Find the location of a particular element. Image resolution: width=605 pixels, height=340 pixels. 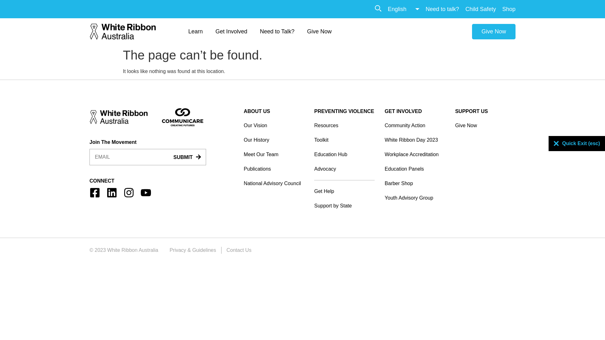

'Publications' is located at coordinates (274, 168).